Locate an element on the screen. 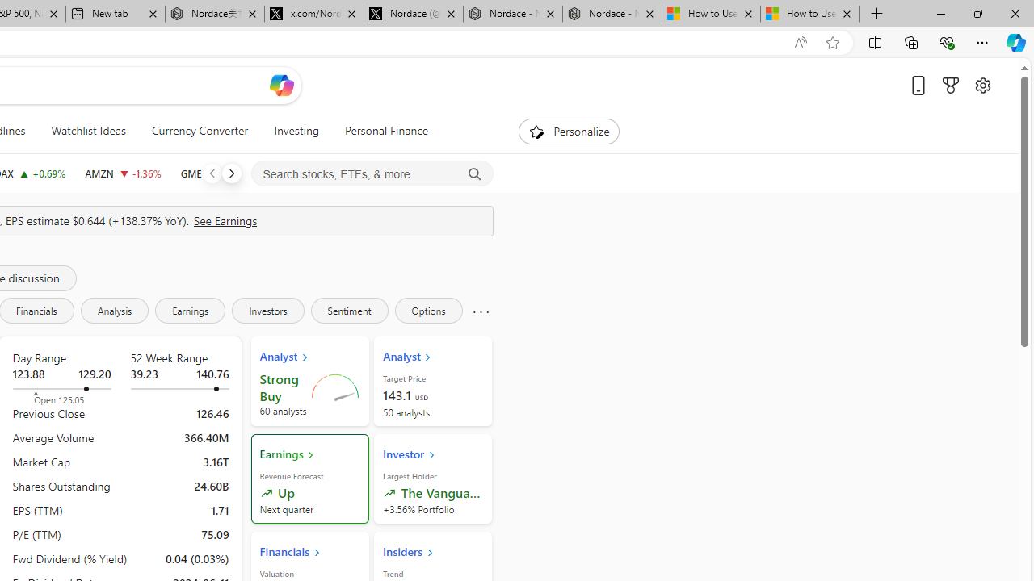 This screenshot has width=1034, height=581. 'Options' is located at coordinates (428, 310).